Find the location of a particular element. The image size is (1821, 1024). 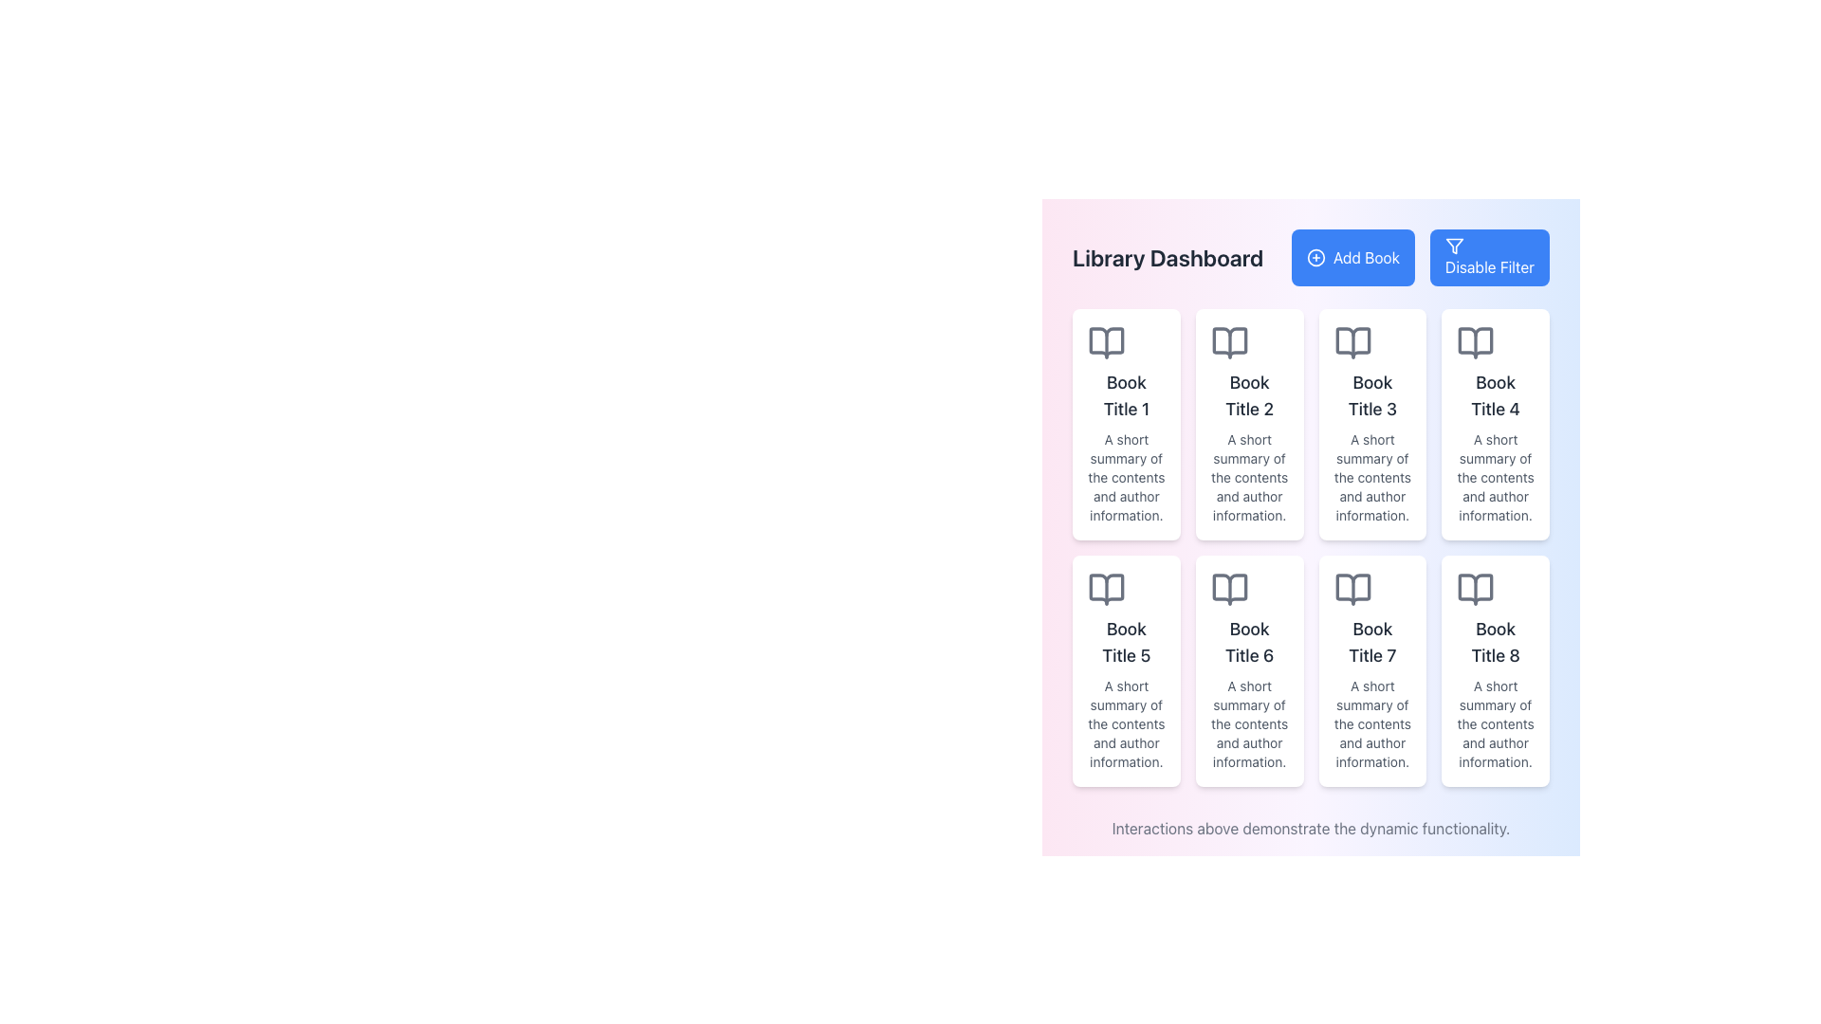

the second card in the grid layout that provides an overview of 'Book Title 2' is located at coordinates (1249, 423).